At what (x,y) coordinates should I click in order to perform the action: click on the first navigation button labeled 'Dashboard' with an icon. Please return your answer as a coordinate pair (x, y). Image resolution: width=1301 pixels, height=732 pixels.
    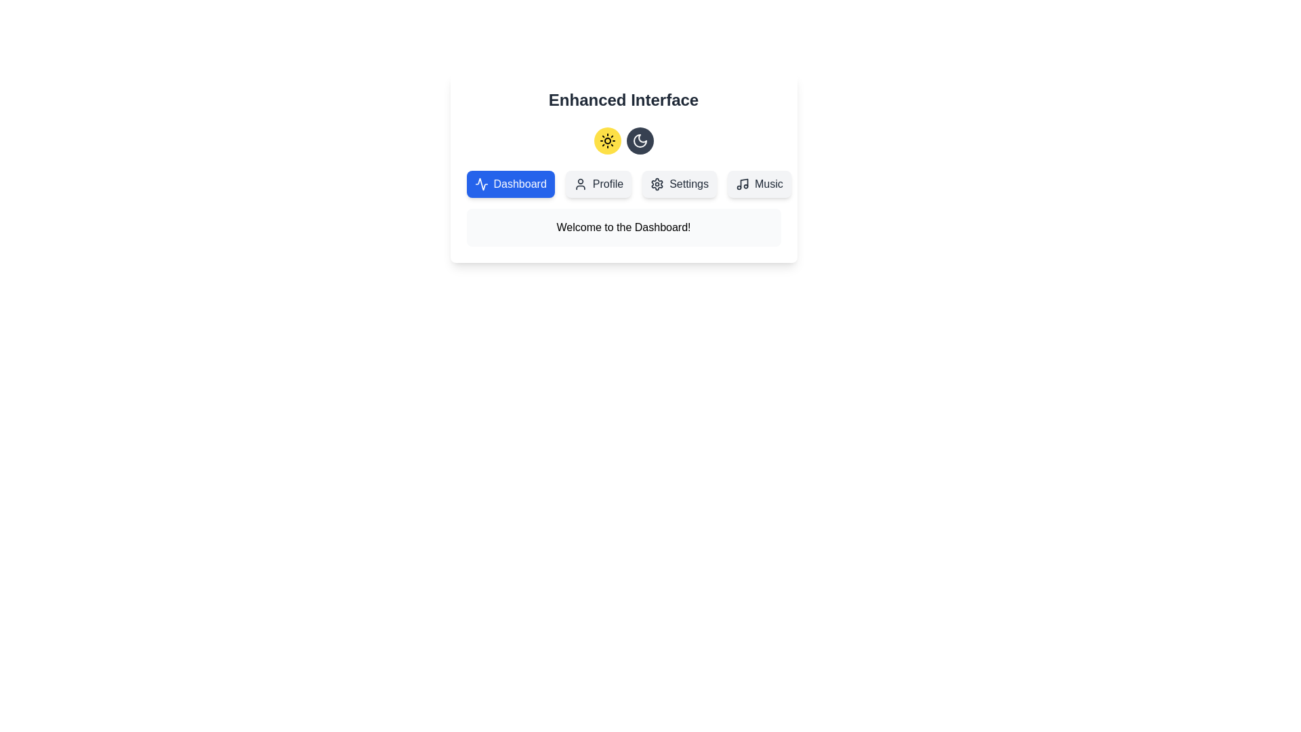
    Looking at the image, I should click on (510, 184).